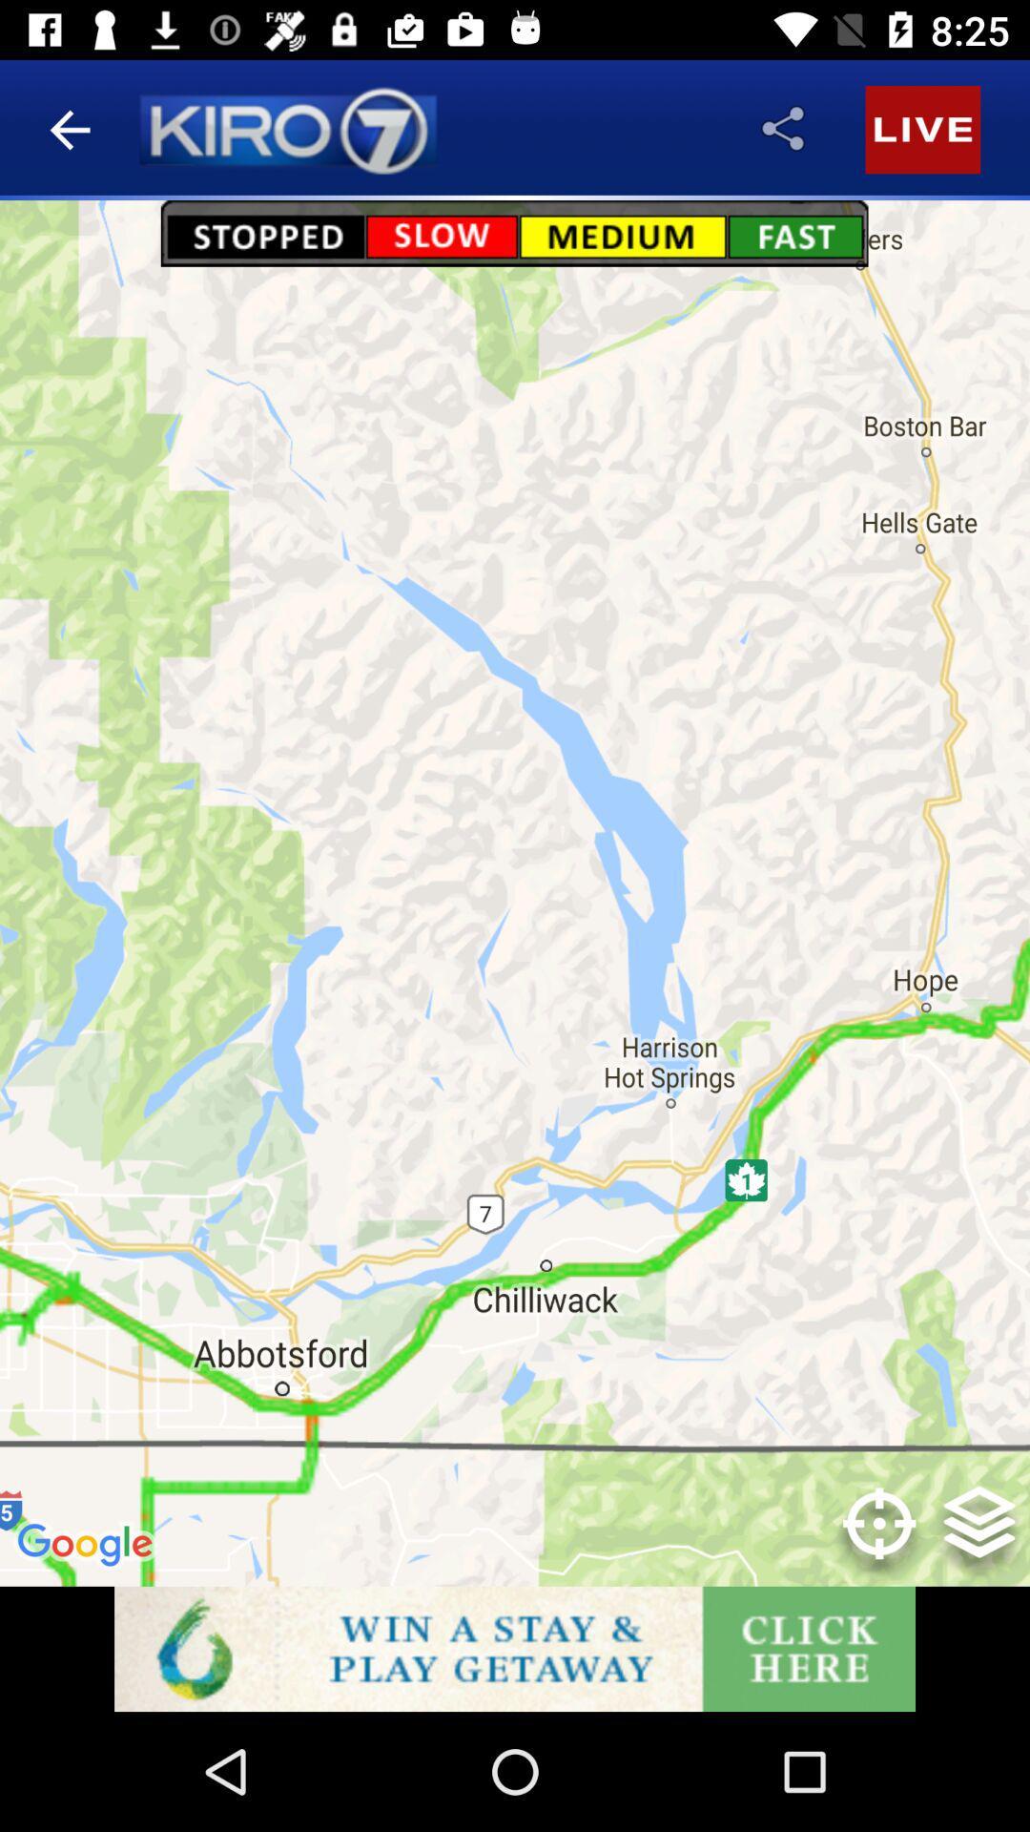 This screenshot has height=1832, width=1030. I want to click on the location_crosshair icon, so click(879, 1536).